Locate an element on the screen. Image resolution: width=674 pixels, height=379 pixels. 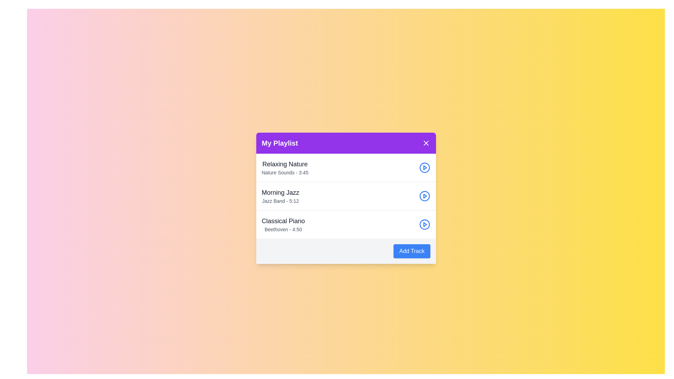
the play icon of the song titled 'Morning Jazz' is located at coordinates (424, 196).